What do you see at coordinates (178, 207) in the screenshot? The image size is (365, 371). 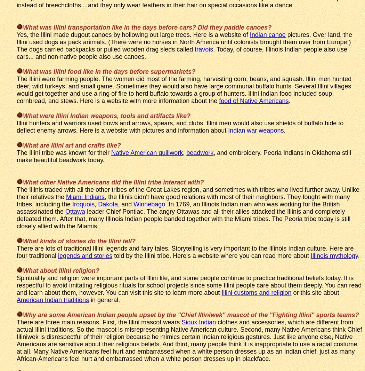 I see `'.
In 1769, an Illinois Indian man who was working for the British assassinated the'` at bounding box center [178, 207].